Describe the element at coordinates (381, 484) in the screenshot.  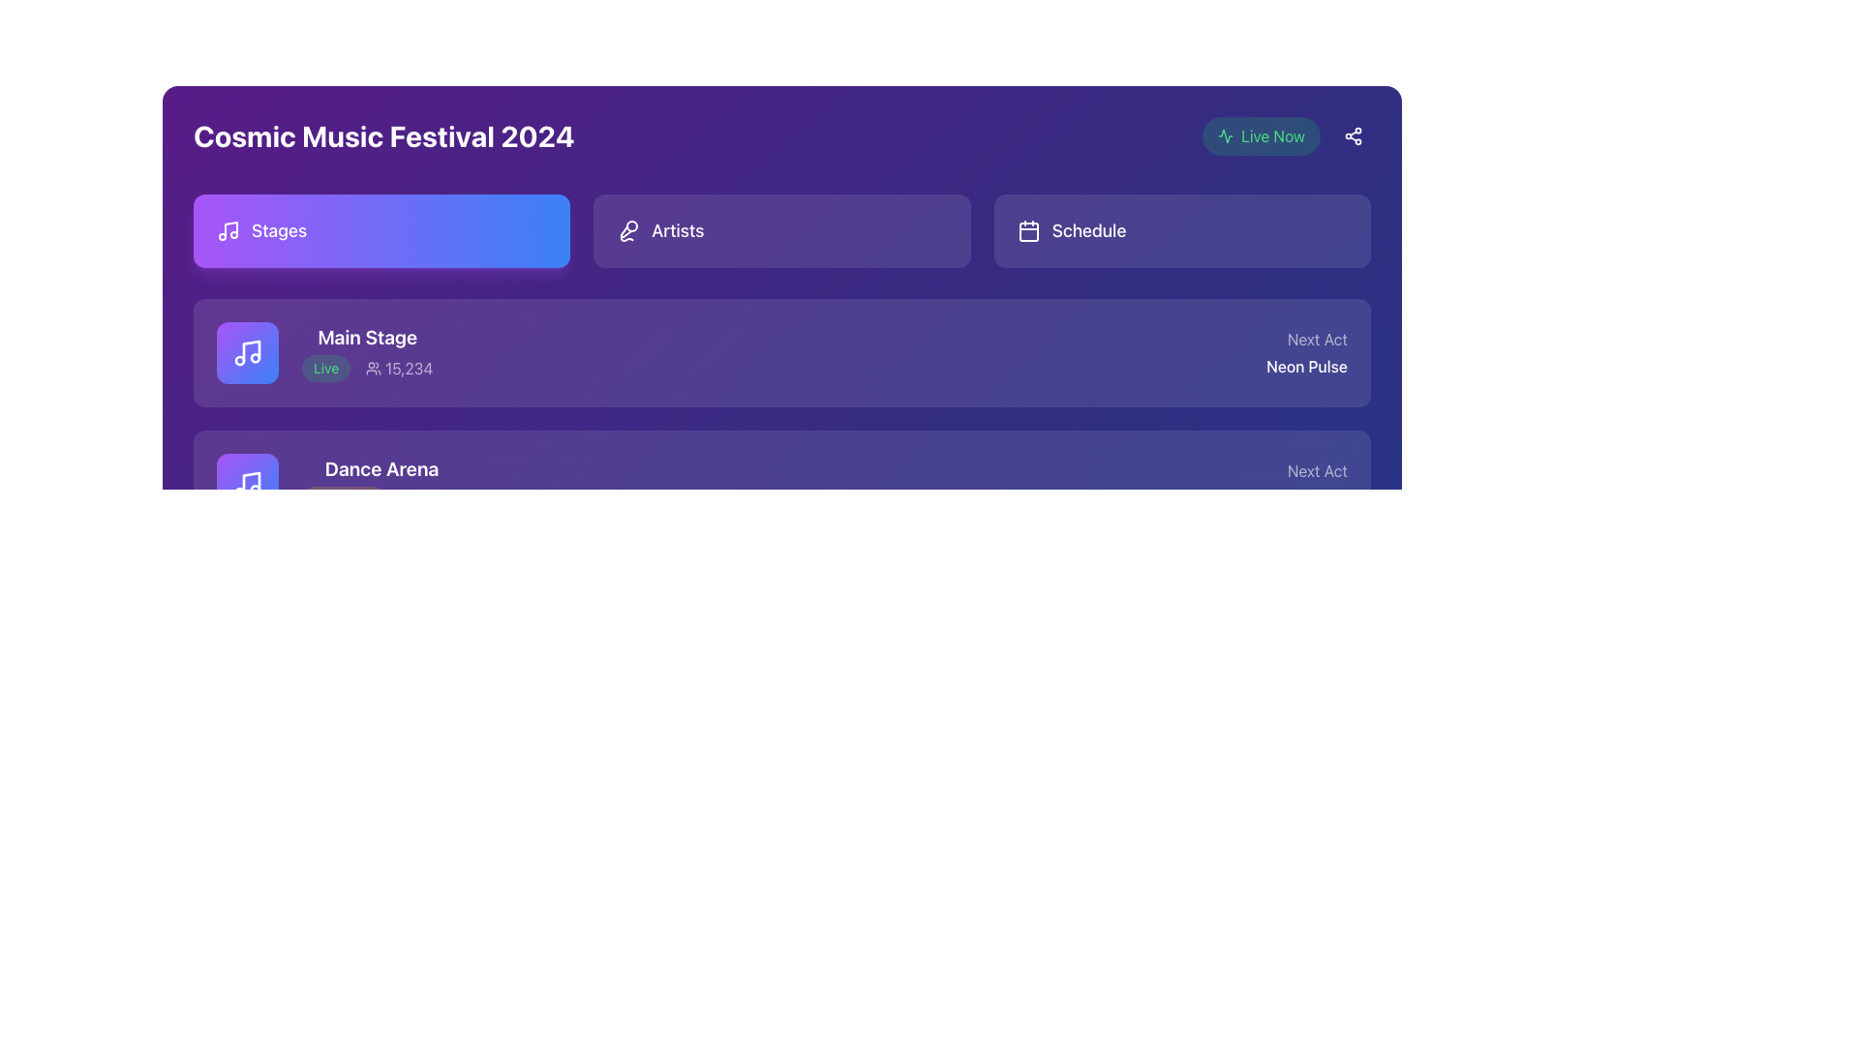
I see `the 'Dance Arena' text label, which is the second item in the 'Stages' section, styled with a large, bold white font on a purple background` at that location.